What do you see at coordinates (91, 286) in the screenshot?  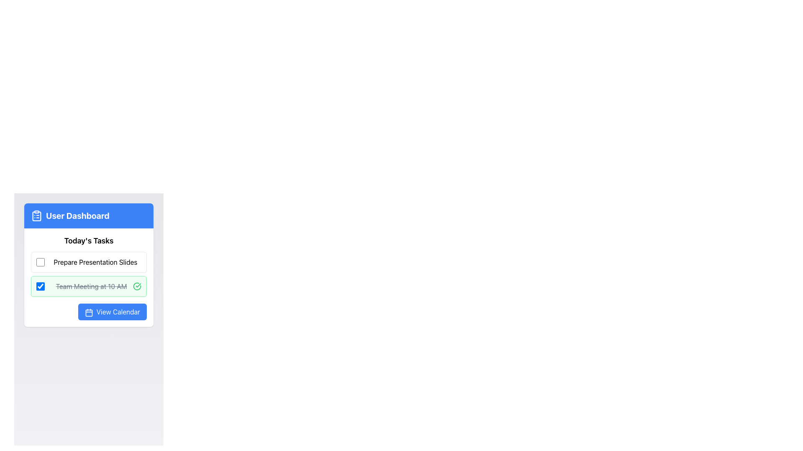 I see `the static text 'Team Meeting at 10 AM' which is styled with strikethrough formatting and displayed in gray color, indicating completion, located under the 'Today's Tasks' list in the 'User Dashboard' section` at bounding box center [91, 286].